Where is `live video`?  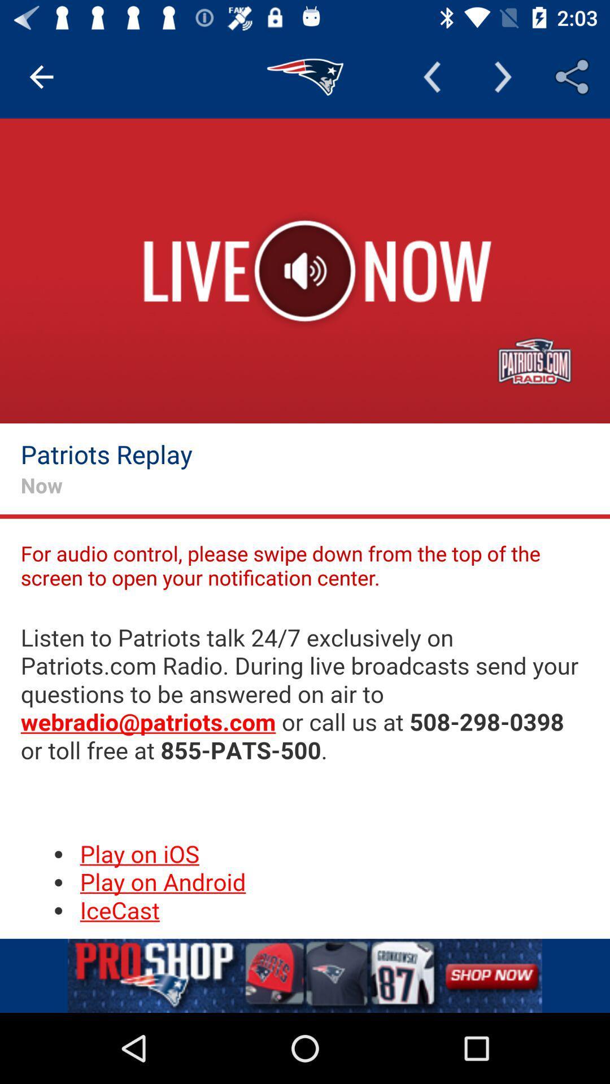 live video is located at coordinates (305, 271).